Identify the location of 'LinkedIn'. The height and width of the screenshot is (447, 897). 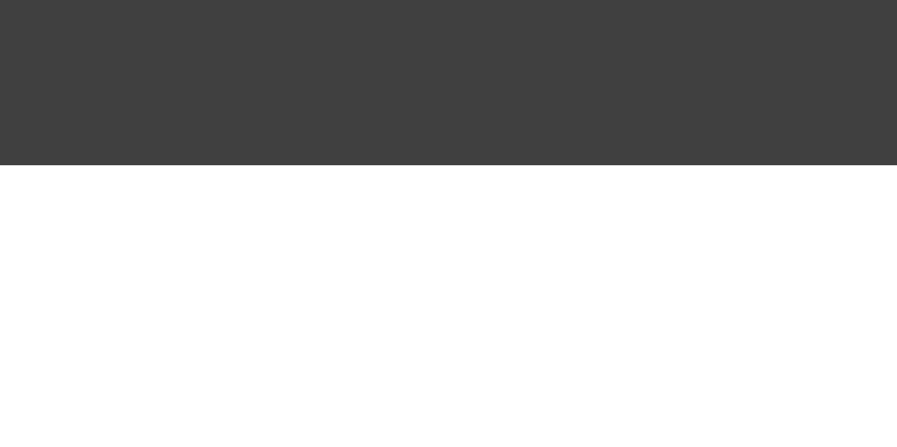
(610, 50).